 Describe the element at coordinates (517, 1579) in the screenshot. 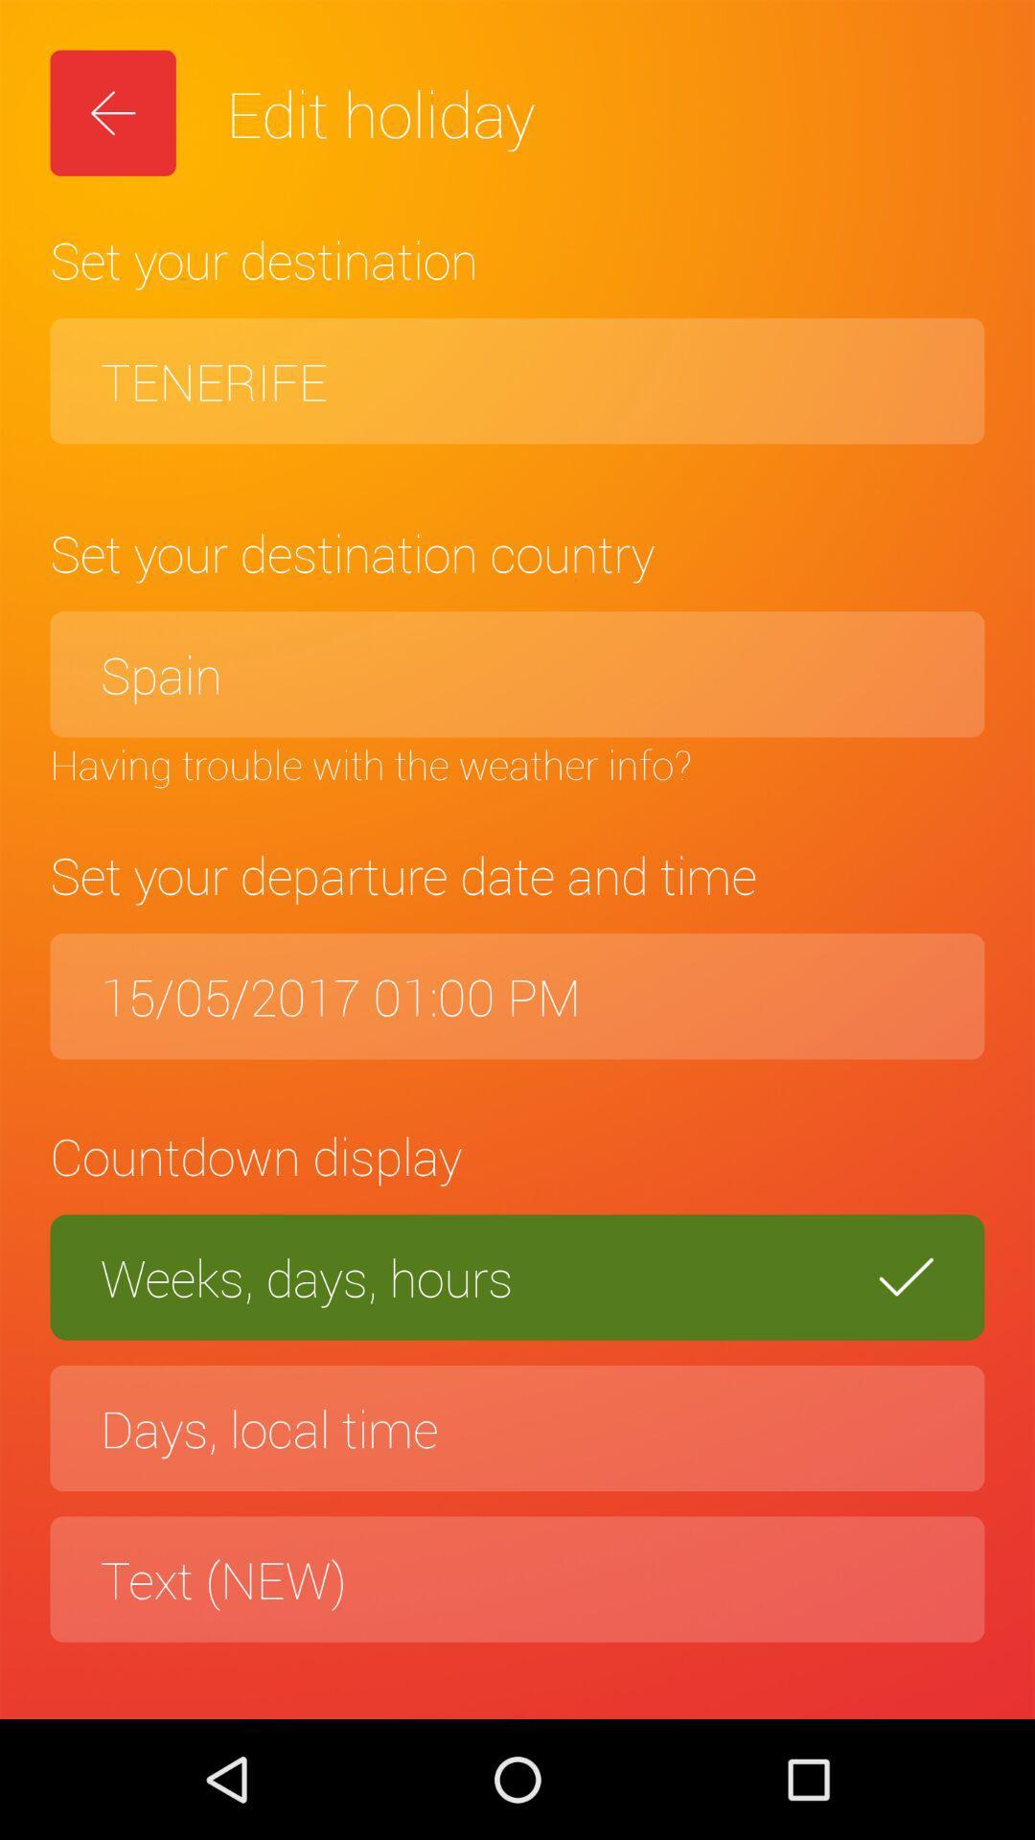

I see `the text (new) item` at that location.